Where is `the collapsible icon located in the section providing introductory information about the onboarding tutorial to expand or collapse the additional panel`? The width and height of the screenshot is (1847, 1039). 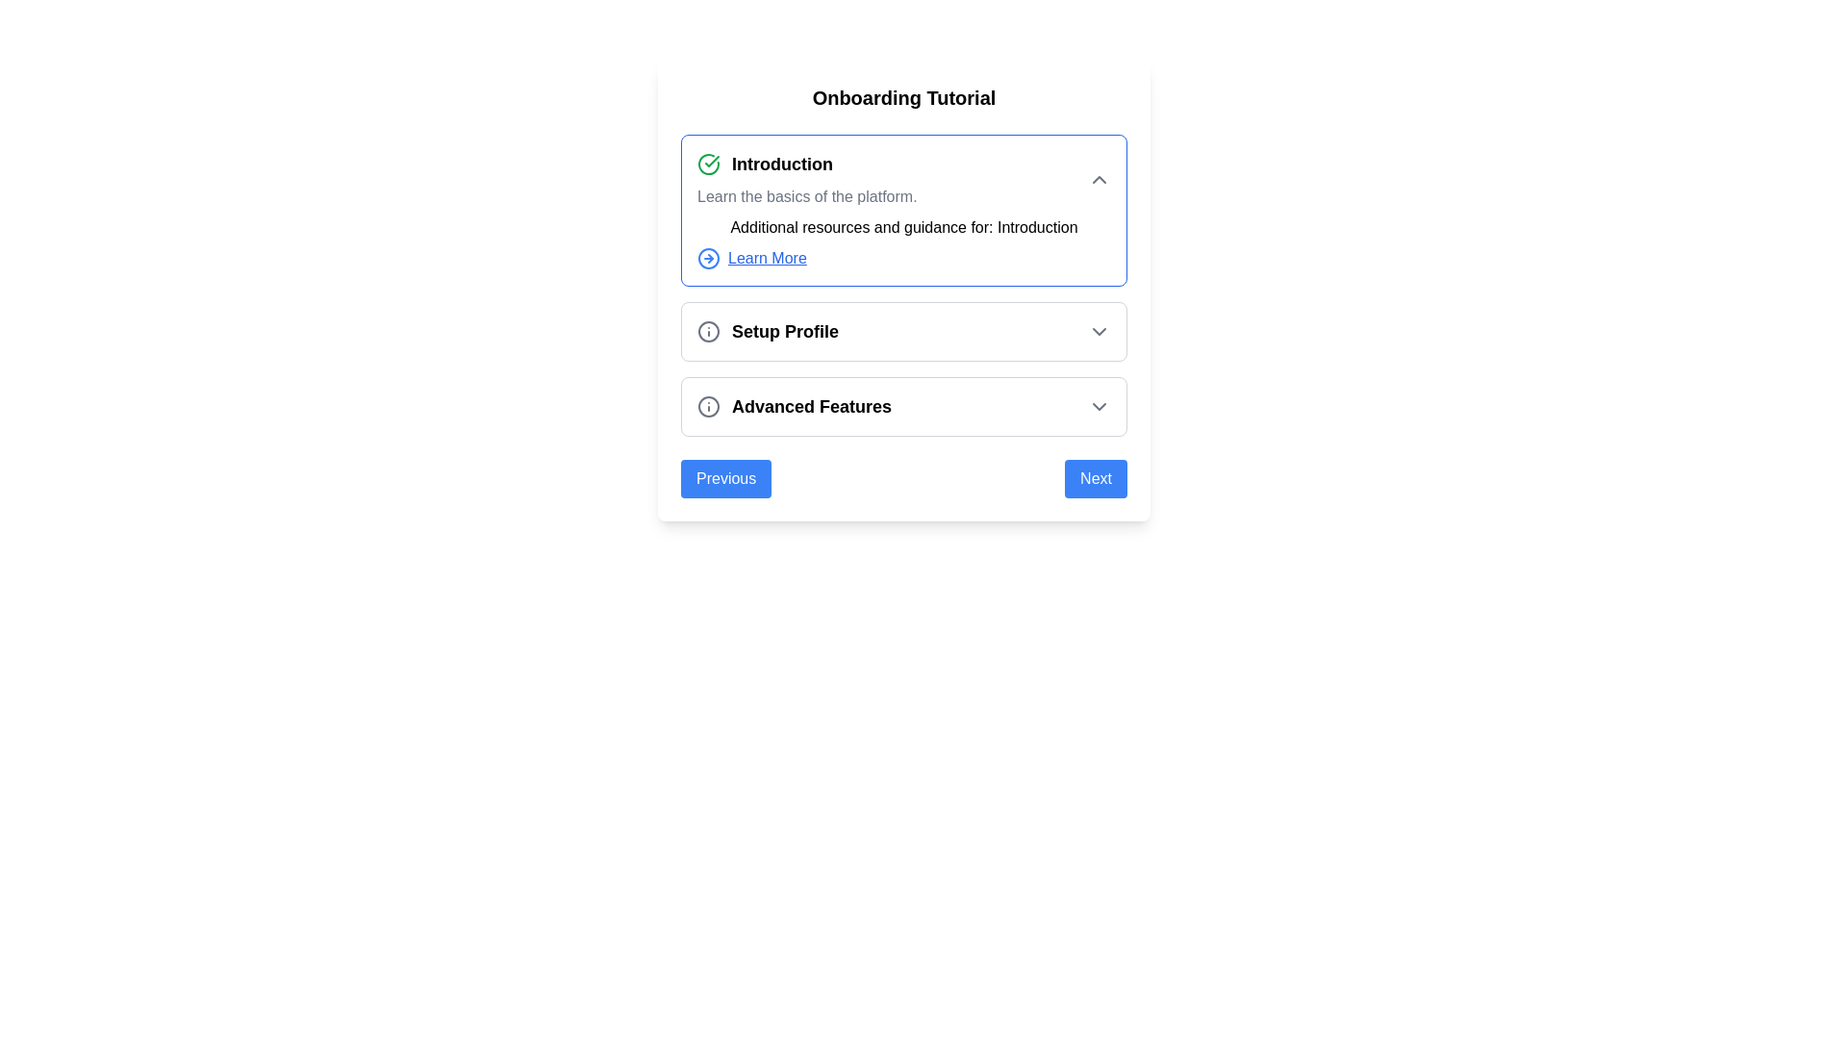 the collapsible icon located in the section providing introductory information about the onboarding tutorial to expand or collapse the additional panel is located at coordinates (903, 286).